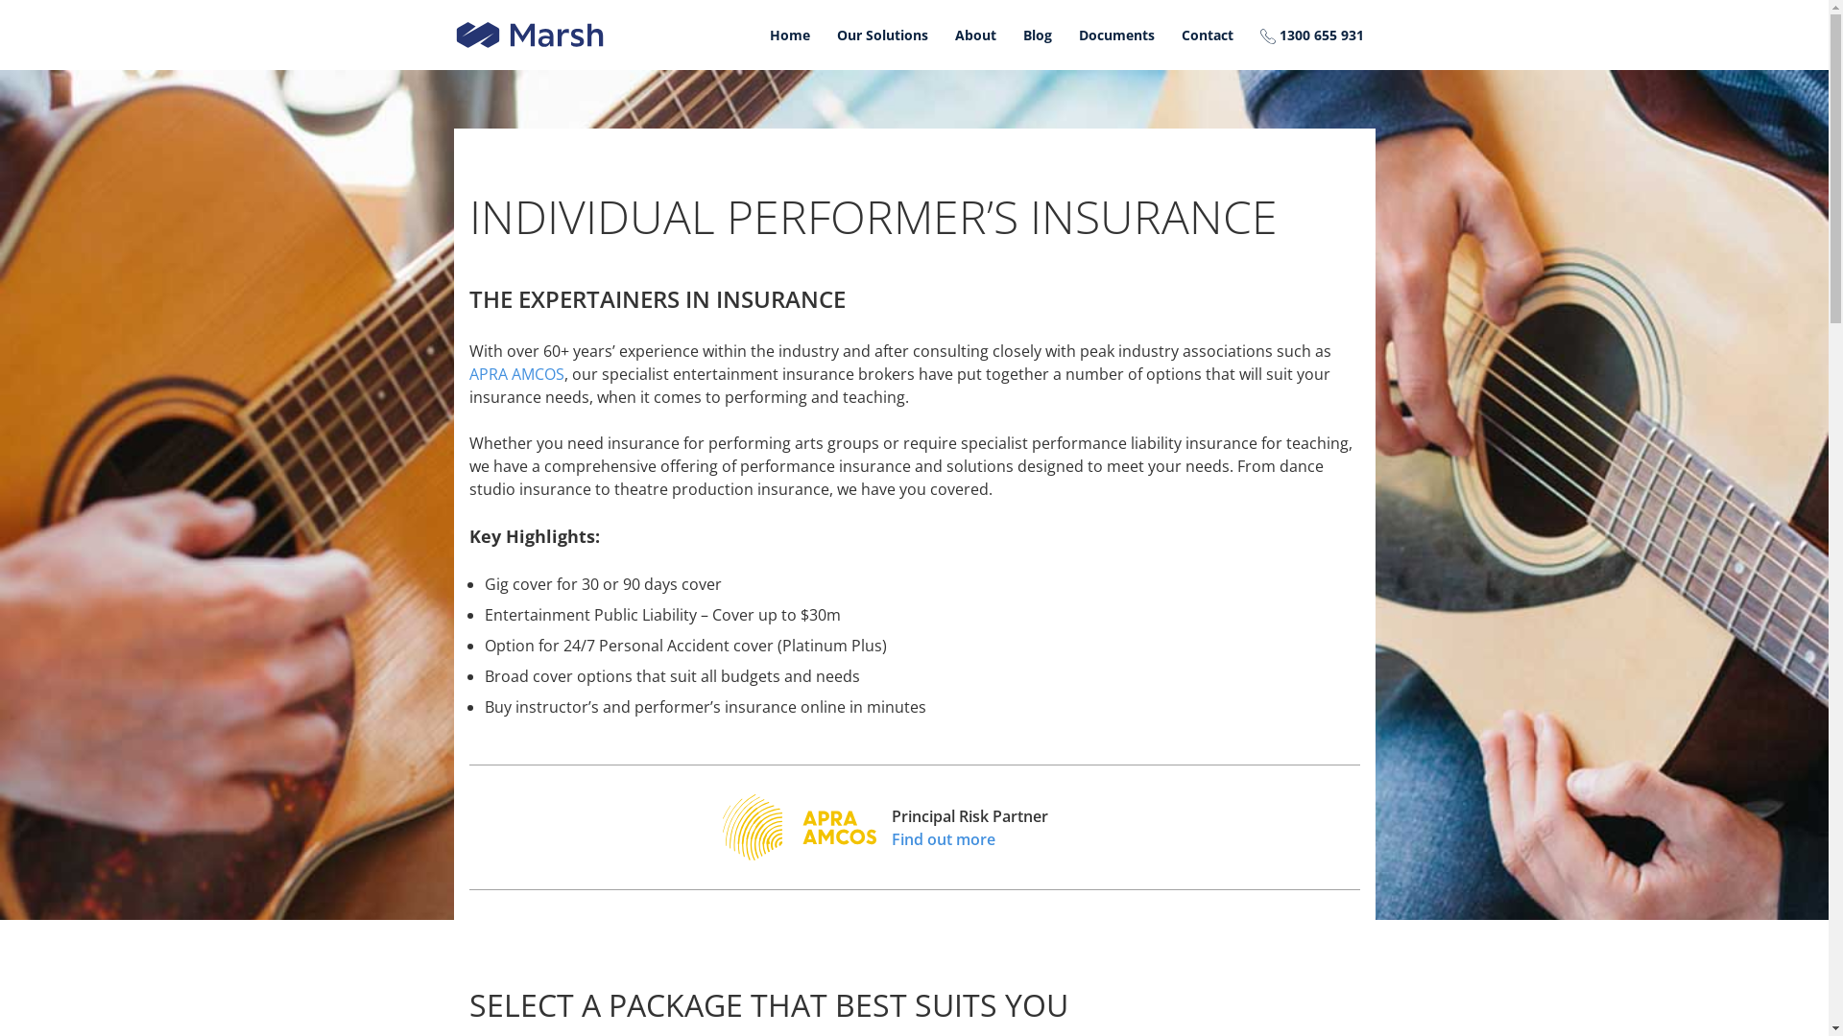  Describe the element at coordinates (1036, 35) in the screenshot. I see `'Blog'` at that location.